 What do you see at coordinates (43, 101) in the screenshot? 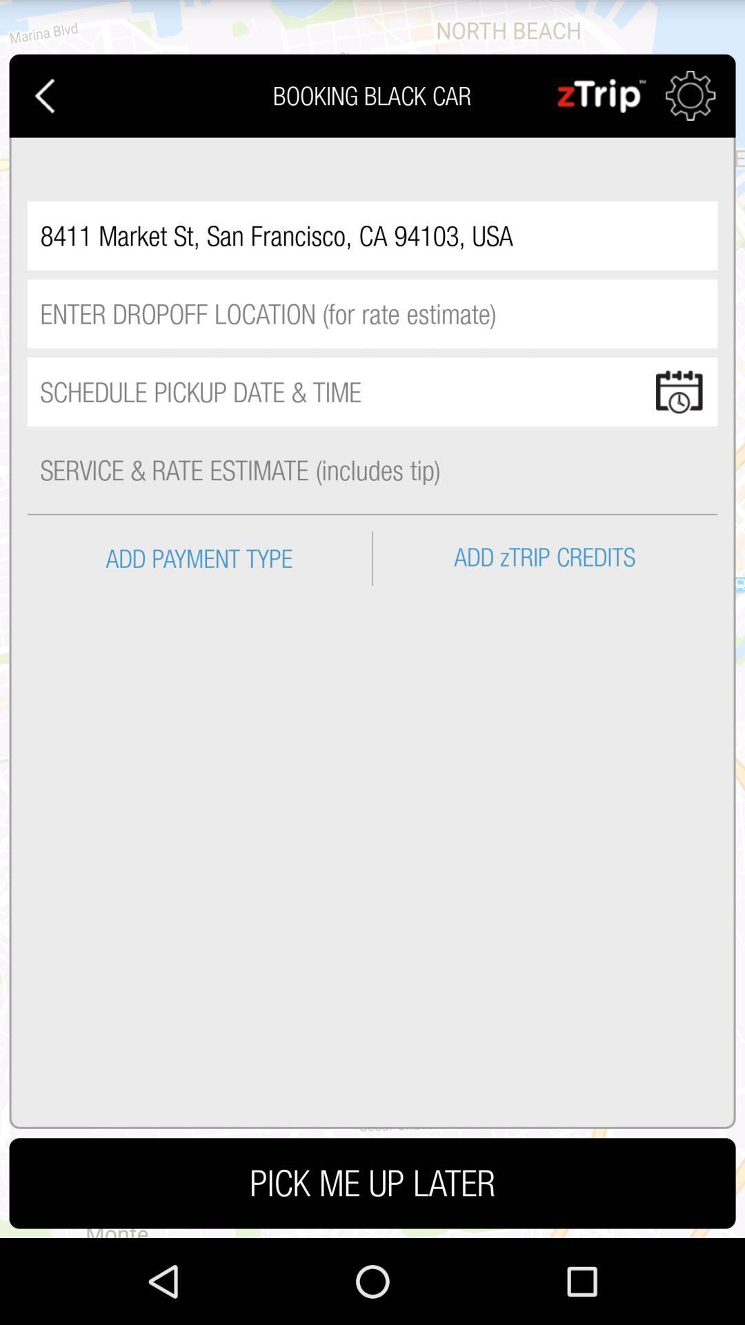
I see `the arrow_backward icon` at bounding box center [43, 101].